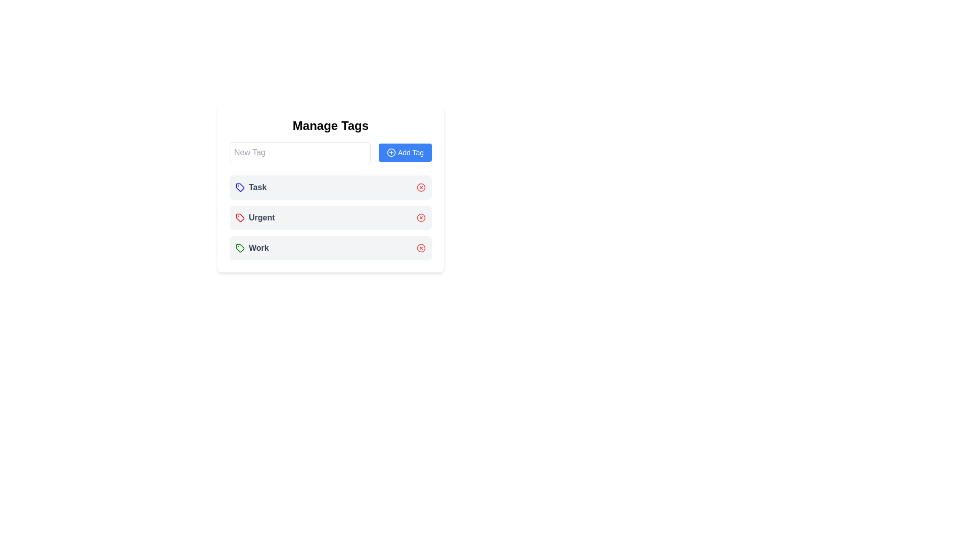 The width and height of the screenshot is (971, 546). Describe the element at coordinates (257, 187) in the screenshot. I see `the 'Task' label which serves as a visual identification tag, located to the right of a blue tag icon in the first row of a list` at that location.